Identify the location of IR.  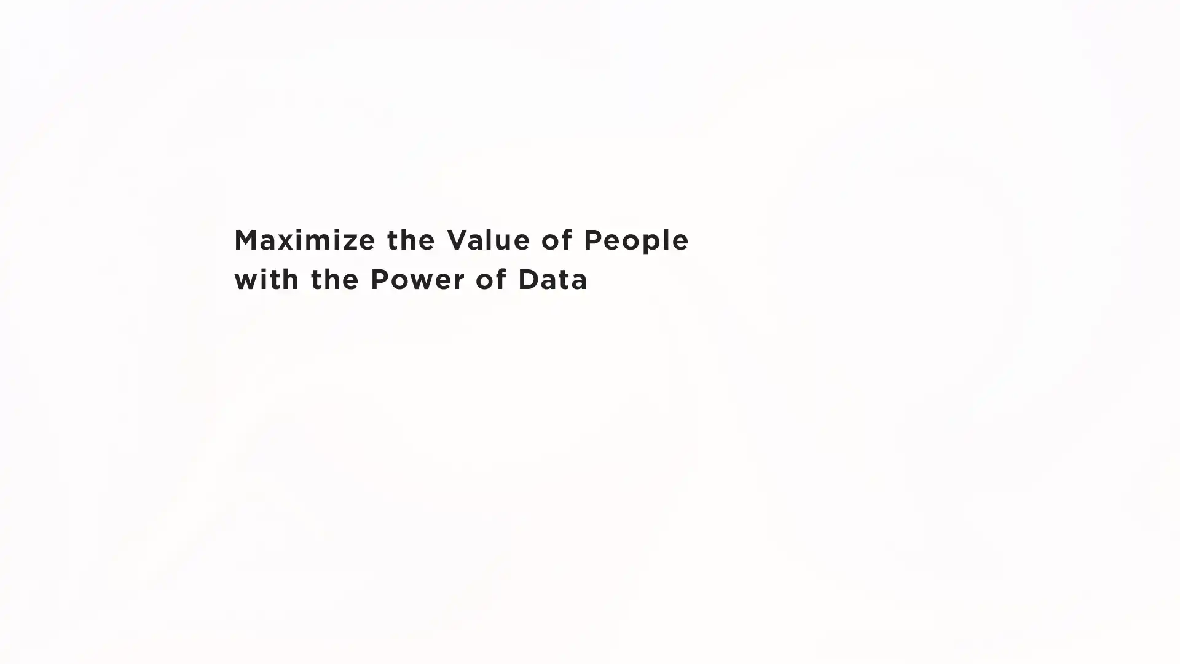
(596, 45).